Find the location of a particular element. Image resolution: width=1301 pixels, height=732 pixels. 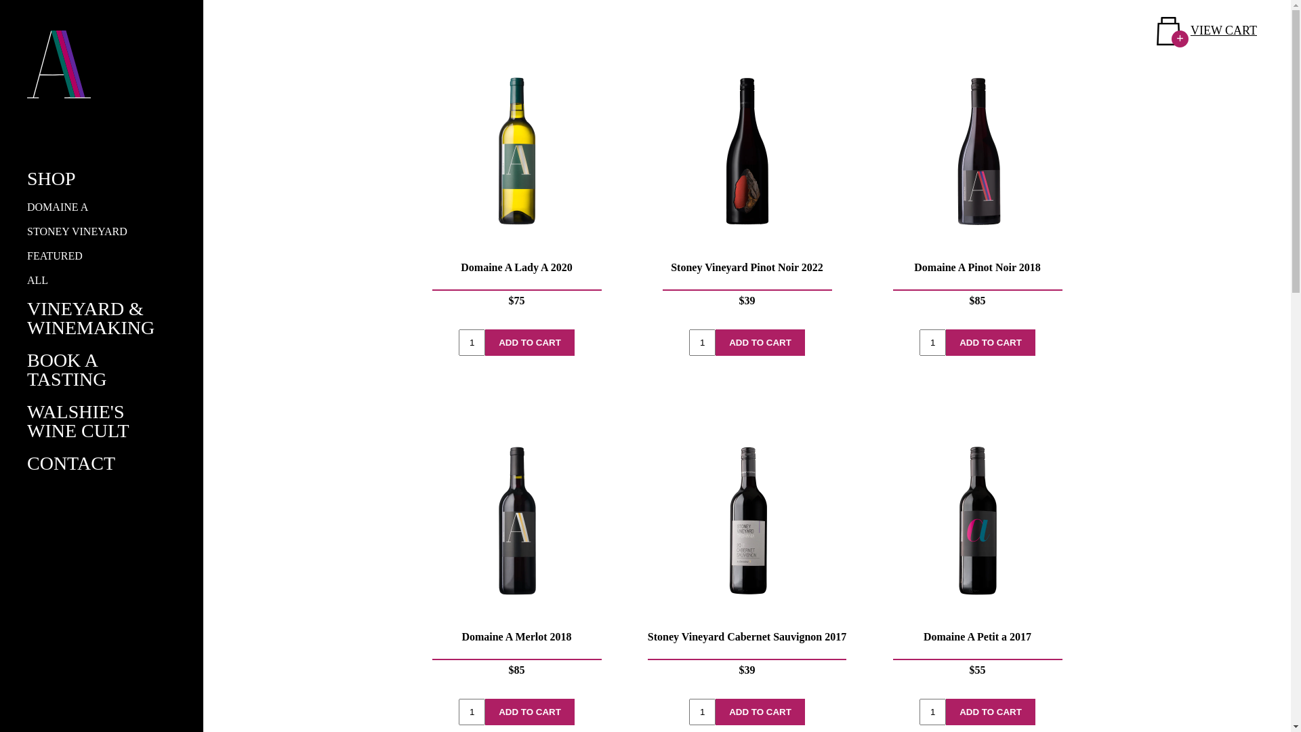

'Stoney Vineyard Pinot Noir 2022 is located at coordinates (746, 188).